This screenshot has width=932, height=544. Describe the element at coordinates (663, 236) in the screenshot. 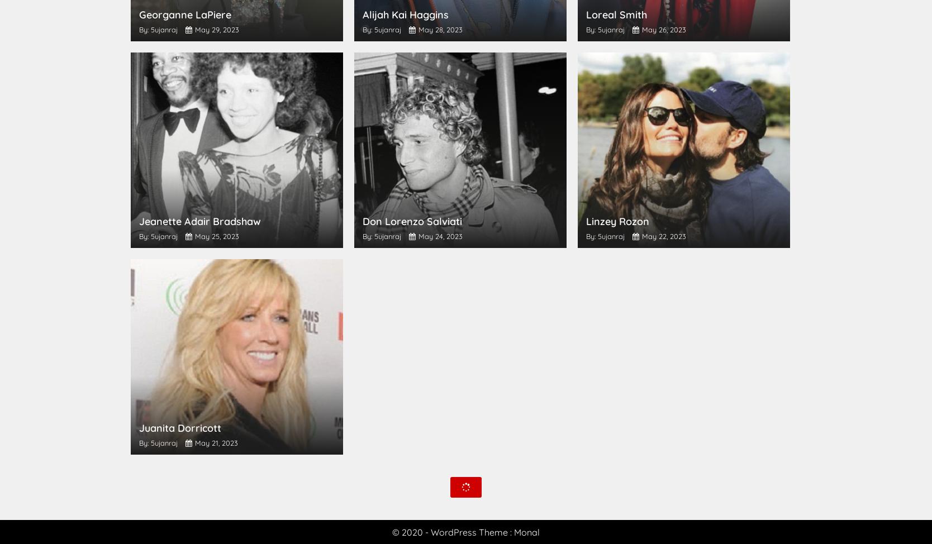

I see `'May 22, 2023'` at that location.